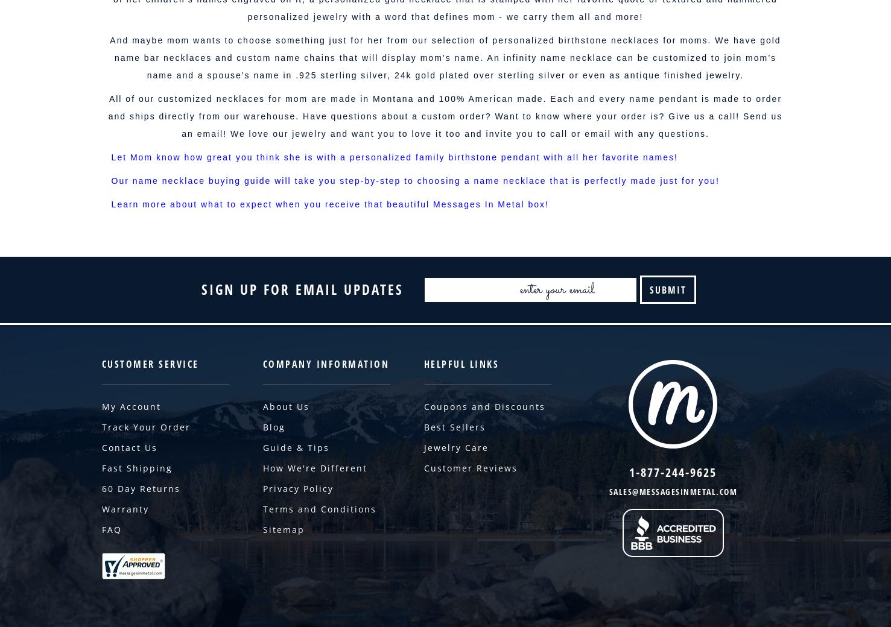 The width and height of the screenshot is (891, 627). Describe the element at coordinates (100, 488) in the screenshot. I see `'60 Day Returns'` at that location.